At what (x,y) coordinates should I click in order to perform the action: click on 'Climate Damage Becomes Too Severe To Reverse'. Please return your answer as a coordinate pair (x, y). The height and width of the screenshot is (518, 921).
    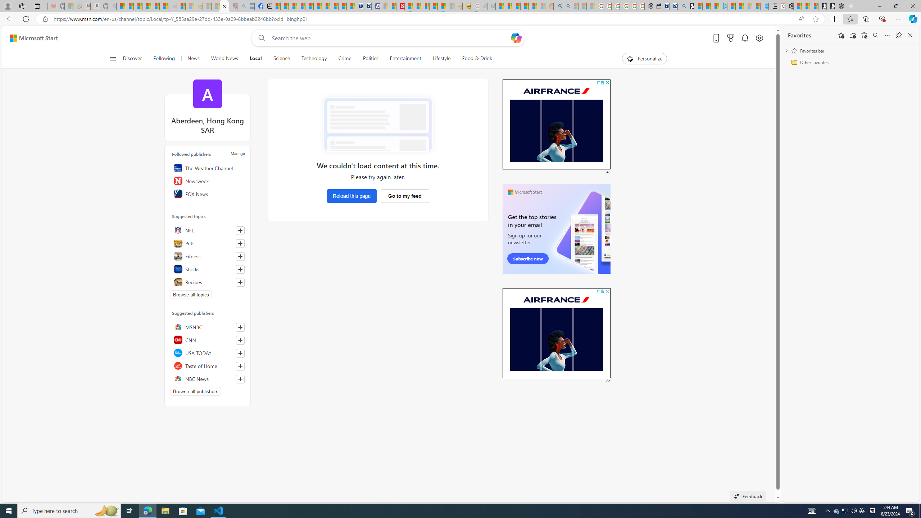
    Looking at the image, I should click on (301, 6).